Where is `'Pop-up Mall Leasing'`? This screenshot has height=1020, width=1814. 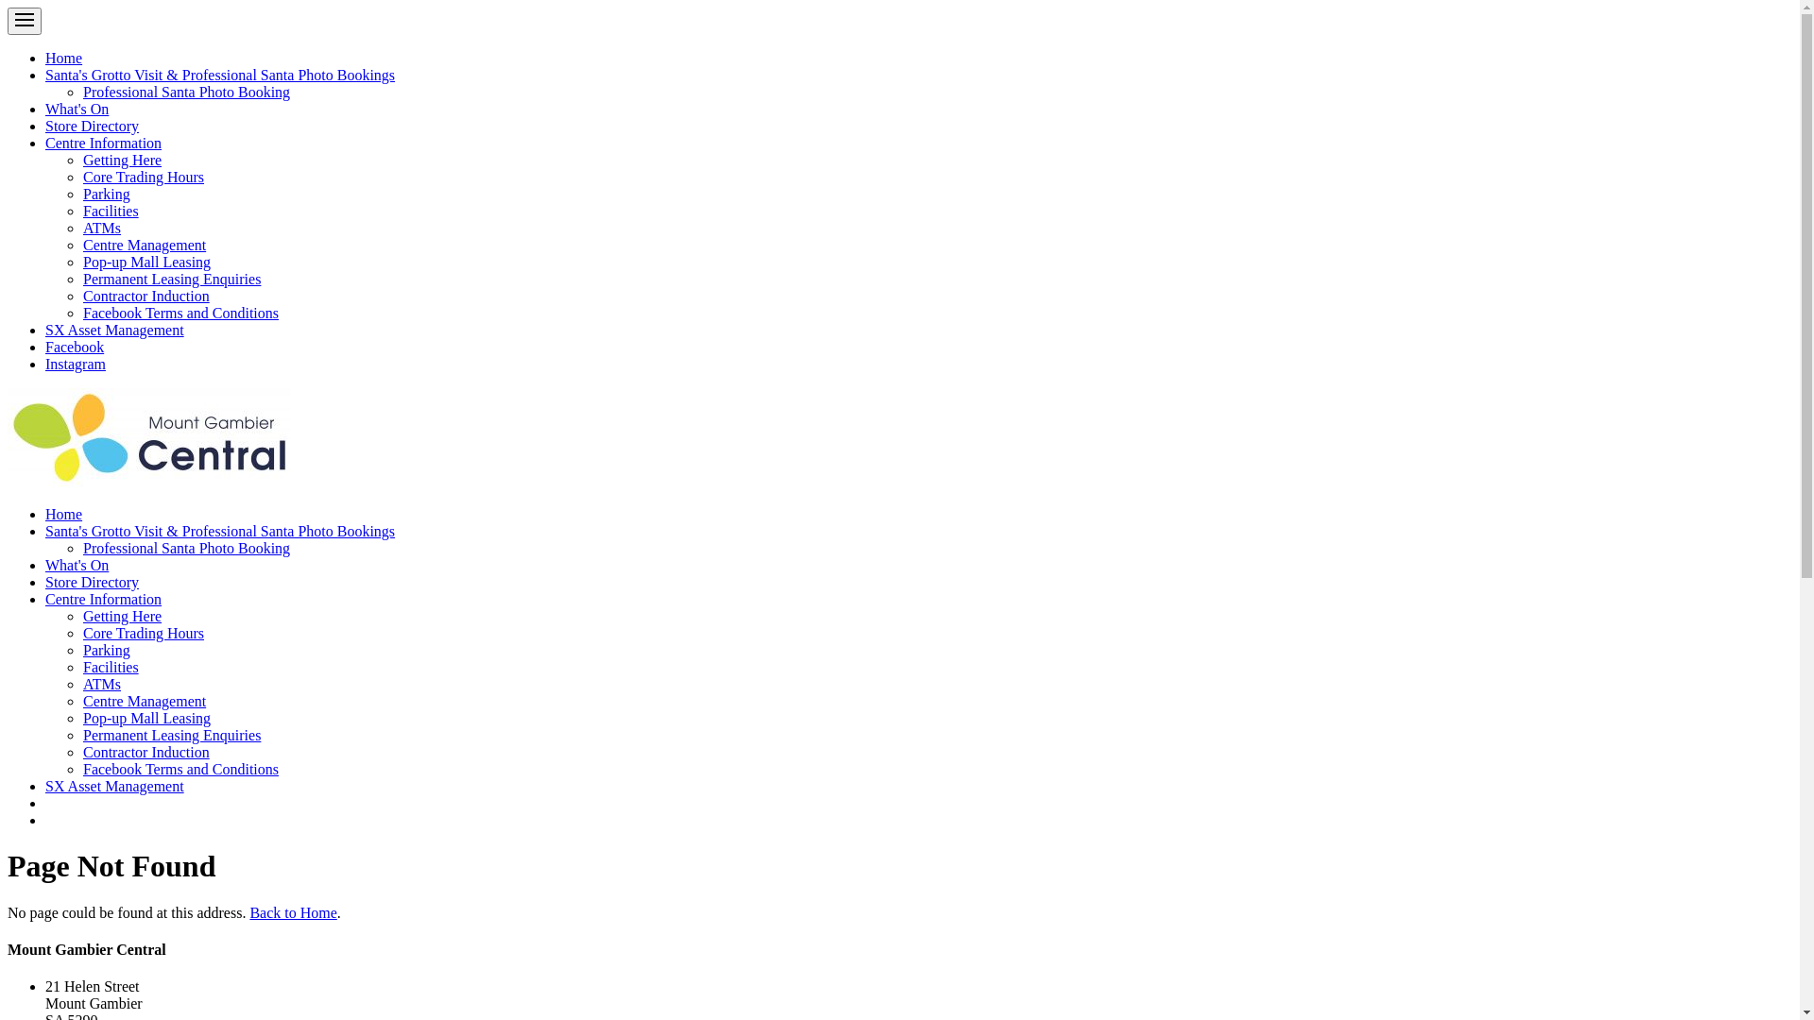
'Pop-up Mall Leasing' is located at coordinates (145, 262).